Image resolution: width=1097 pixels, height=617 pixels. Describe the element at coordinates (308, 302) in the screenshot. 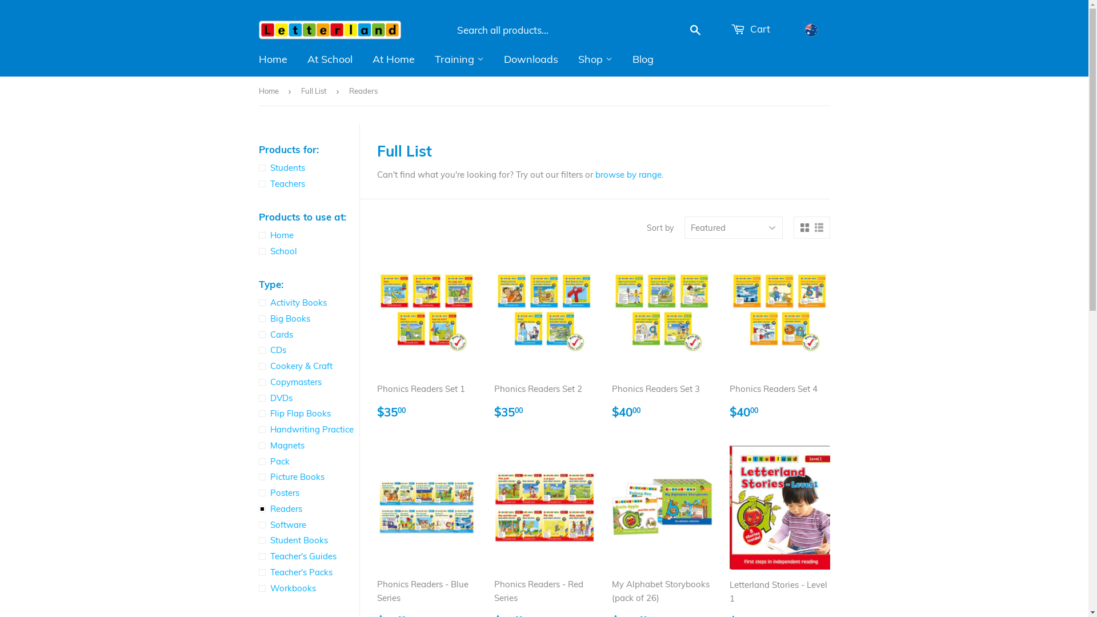

I see `'Activity Books'` at that location.